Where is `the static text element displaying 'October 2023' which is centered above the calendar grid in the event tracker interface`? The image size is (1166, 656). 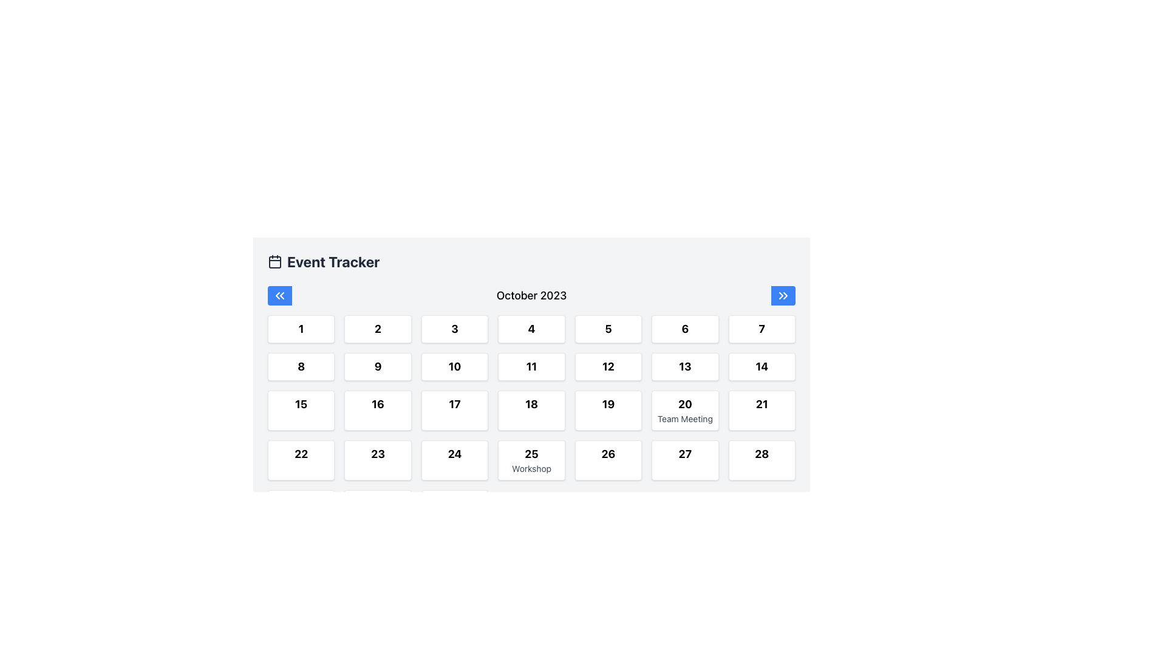
the static text element displaying 'October 2023' which is centered above the calendar grid in the event tracker interface is located at coordinates (531, 295).